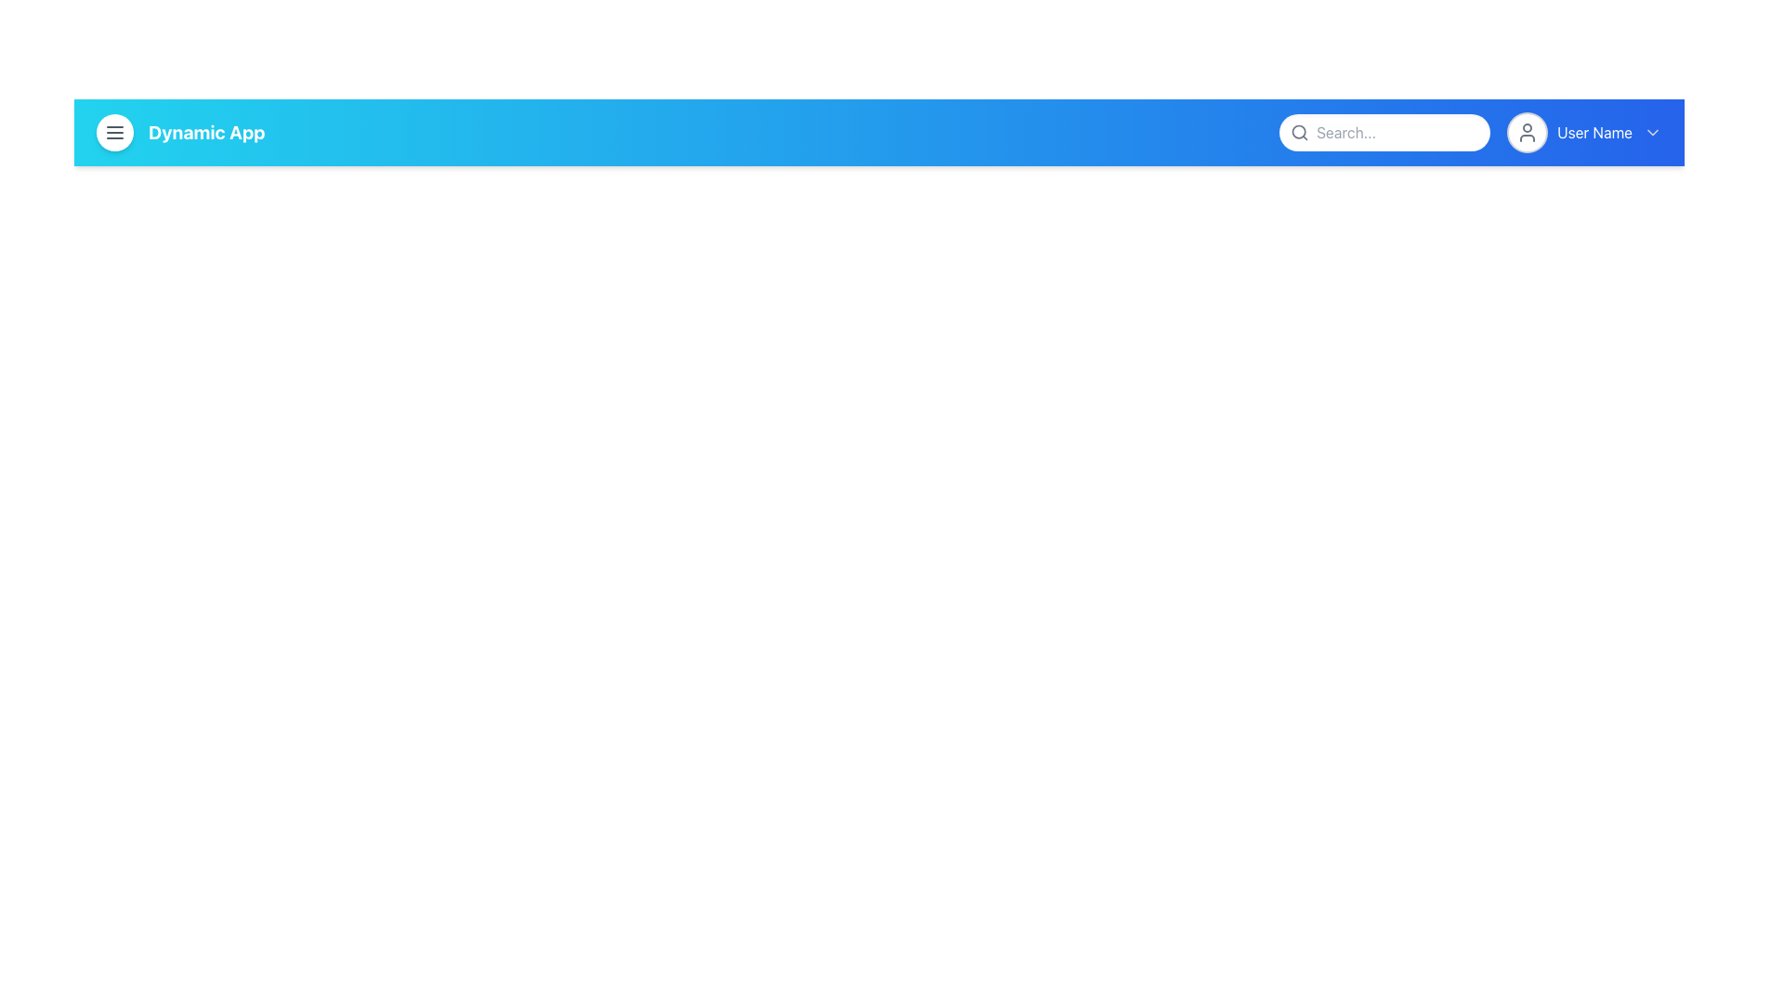 The height and width of the screenshot is (1003, 1784). What do you see at coordinates (1653, 131) in the screenshot?
I see `the chevron icon located to the right of 'User Name' in the top-right navigation bar to potentially display a tooltip` at bounding box center [1653, 131].